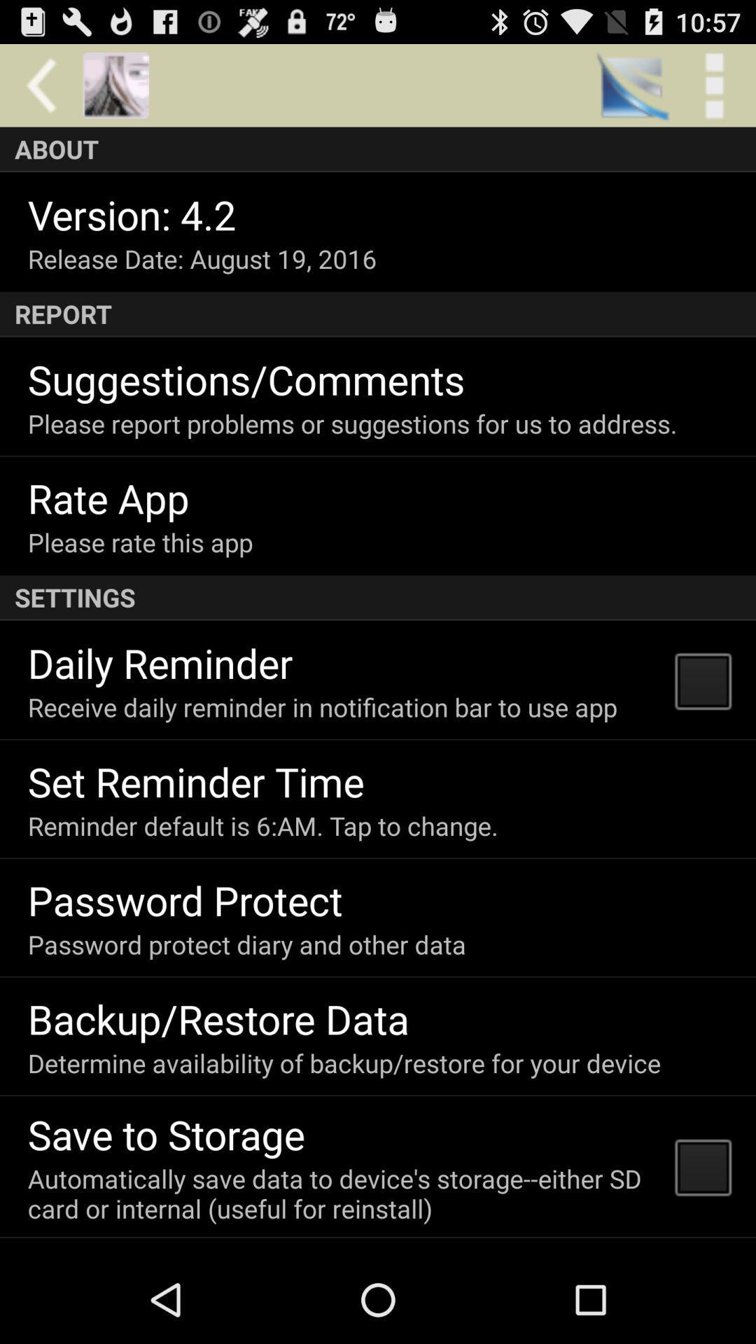 The image size is (756, 1344). I want to click on the item above the about app, so click(714, 85).